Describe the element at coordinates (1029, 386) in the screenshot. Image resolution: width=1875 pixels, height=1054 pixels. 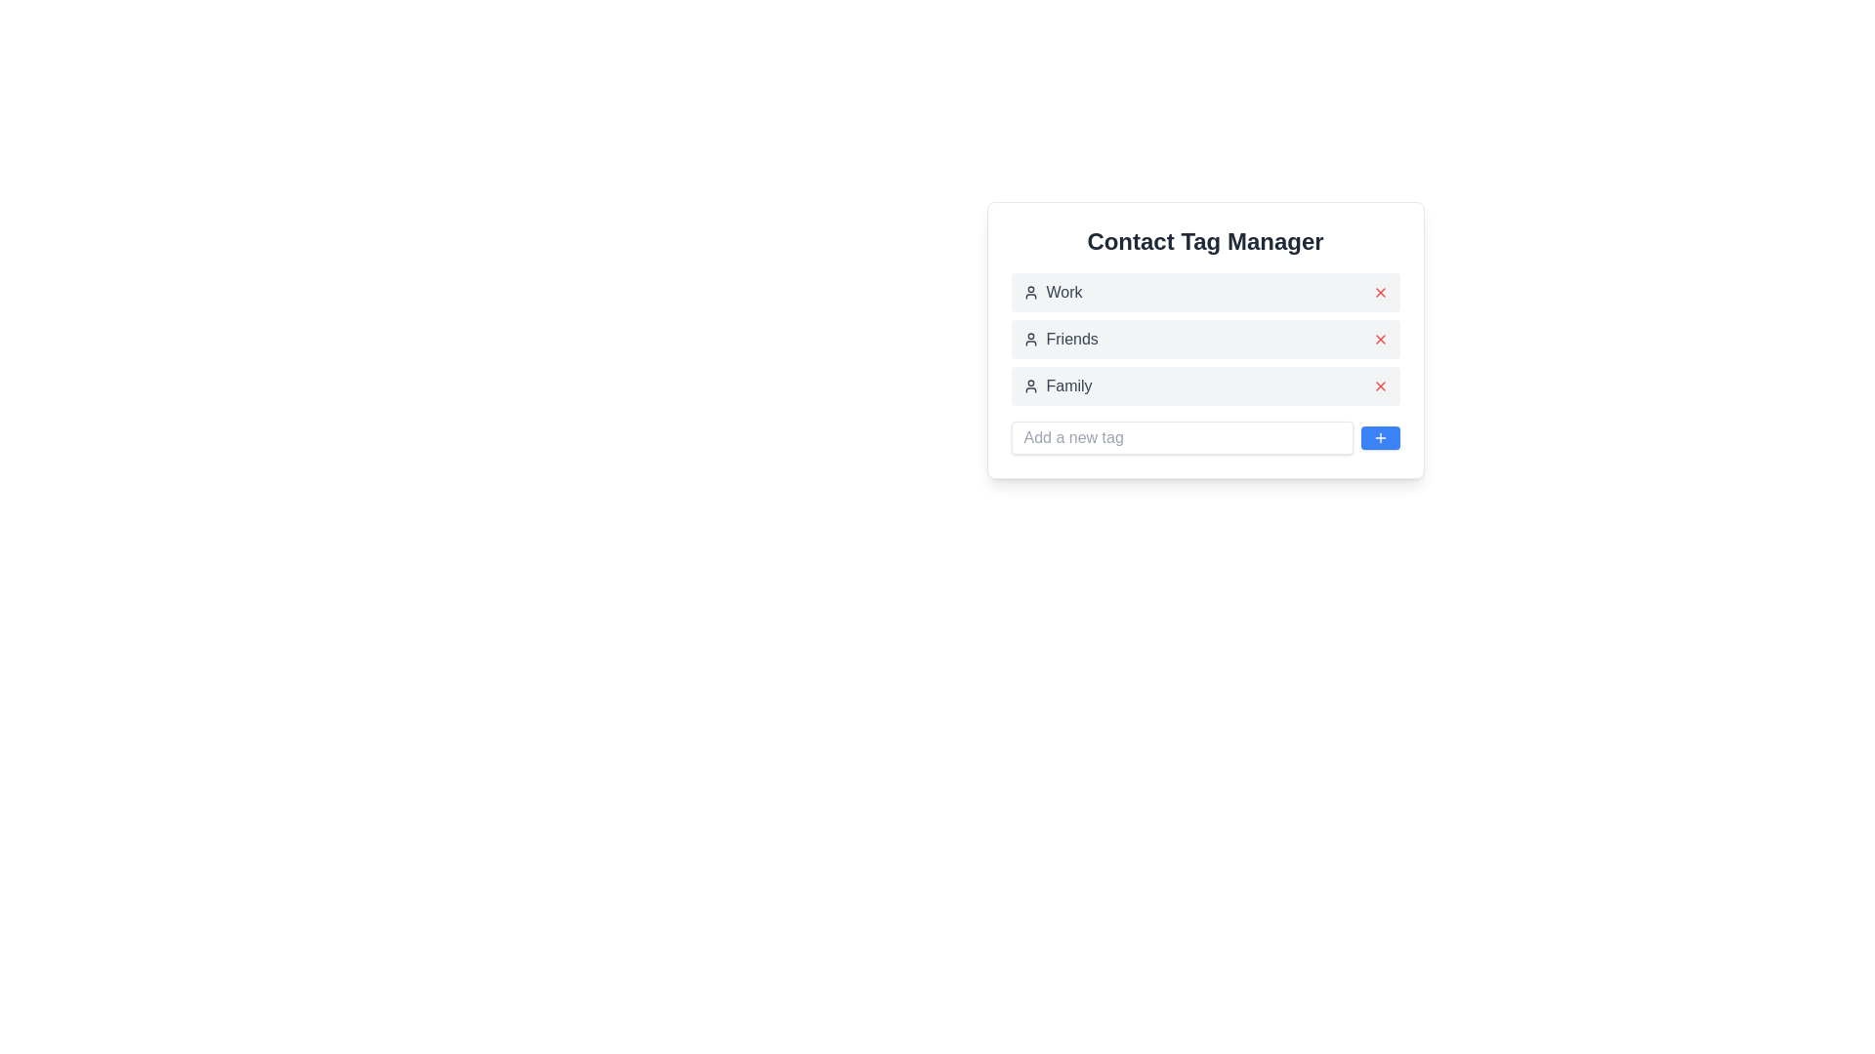
I see `the 'Family' tag icon, which is a user silhouette located to the immediate left of the 'Family' label in the 'Contact Tag Manager' section, specifically the third item in a vertical stack` at that location.